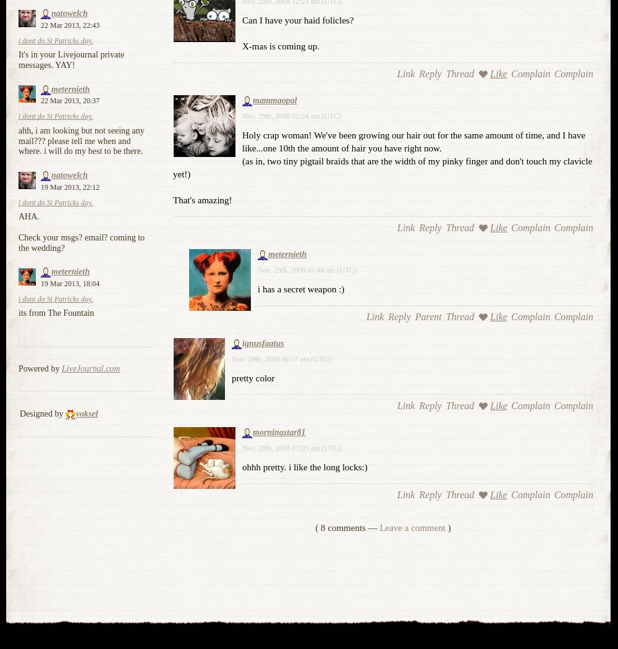  I want to click on 'ohhh pretty. i like the long locks:)', so click(304, 466).